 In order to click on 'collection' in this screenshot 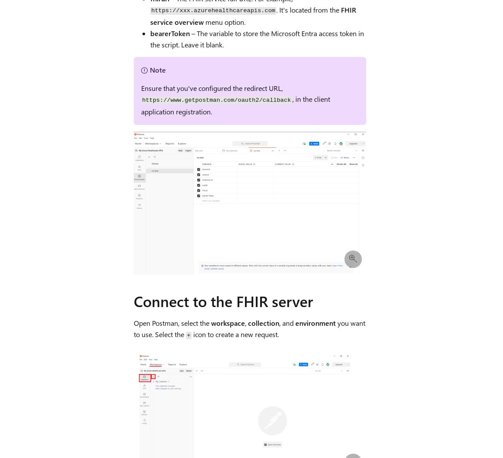, I will do `click(247, 322)`.